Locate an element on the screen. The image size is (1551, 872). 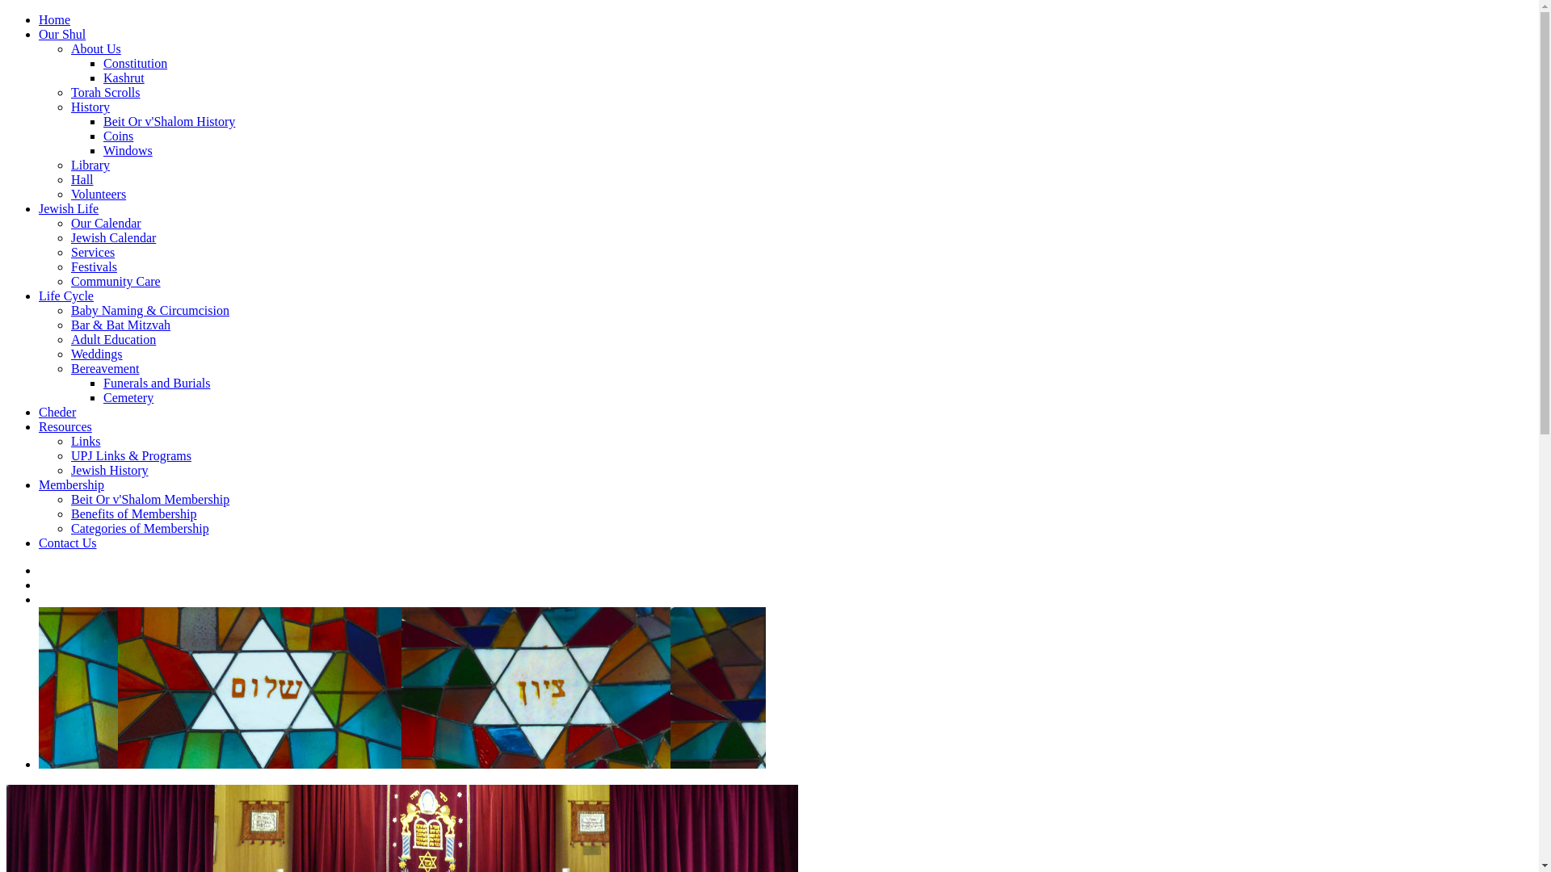
'Contact Us' is located at coordinates (39, 543).